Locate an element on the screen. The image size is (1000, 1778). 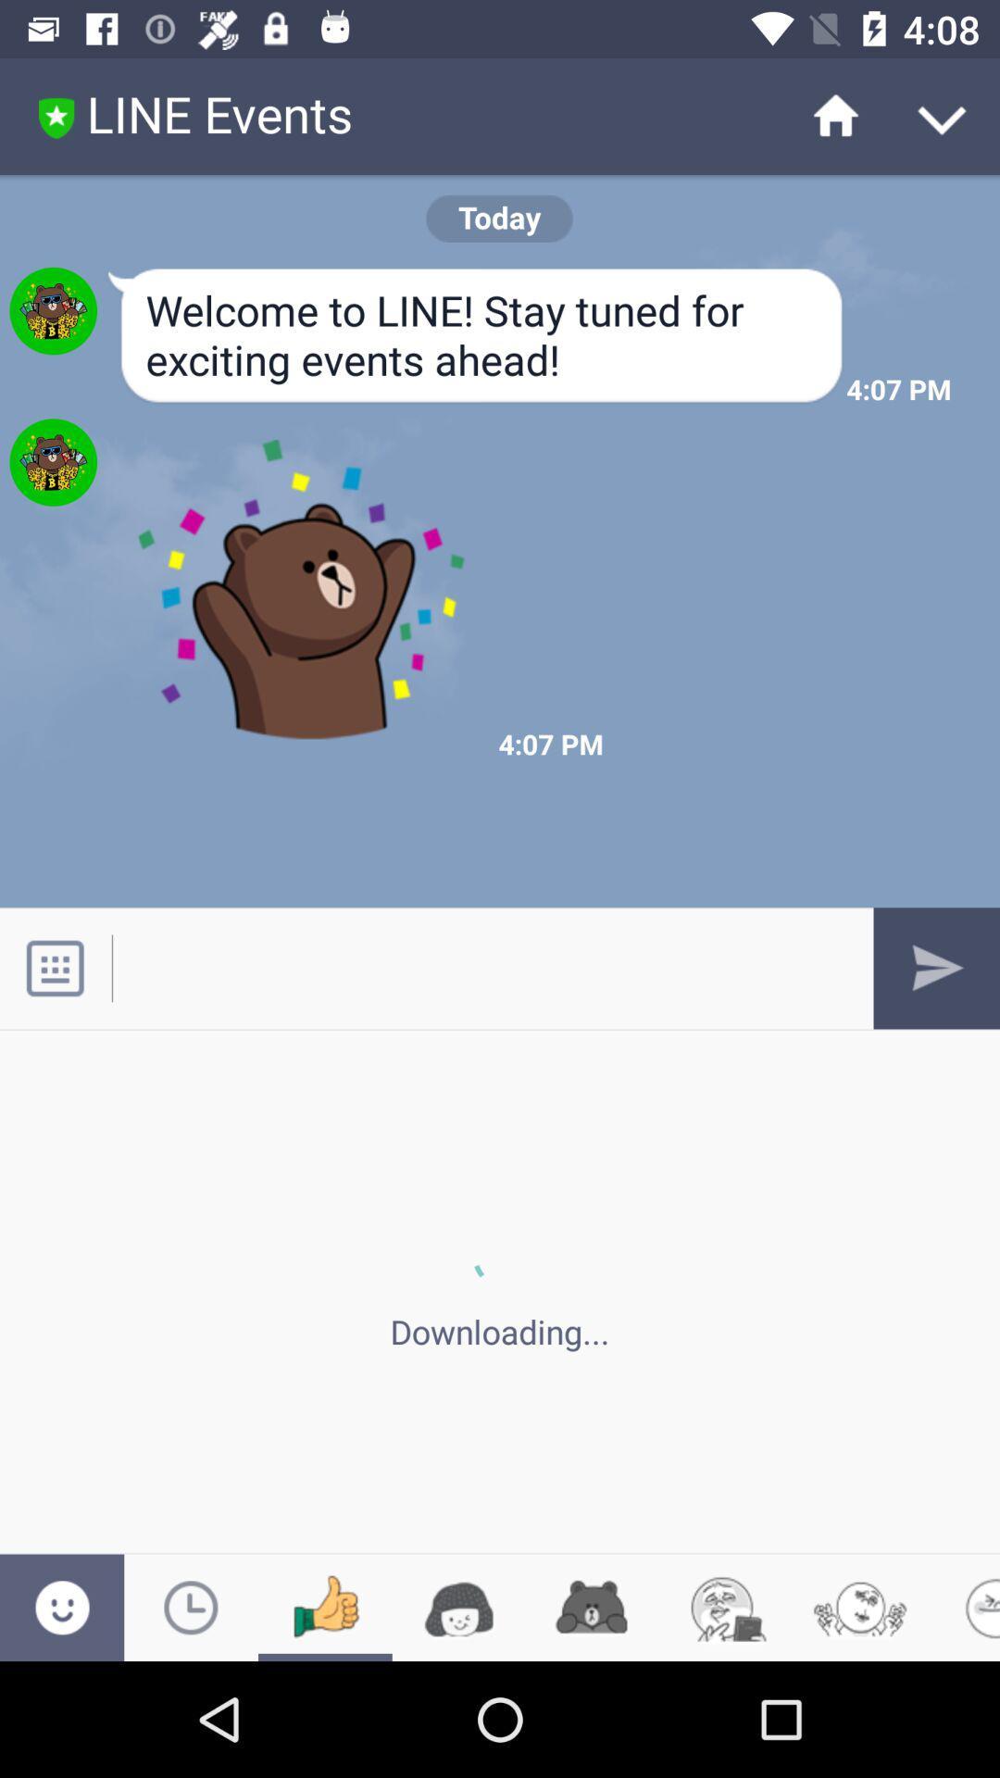
like emoji is located at coordinates (324, 1607).